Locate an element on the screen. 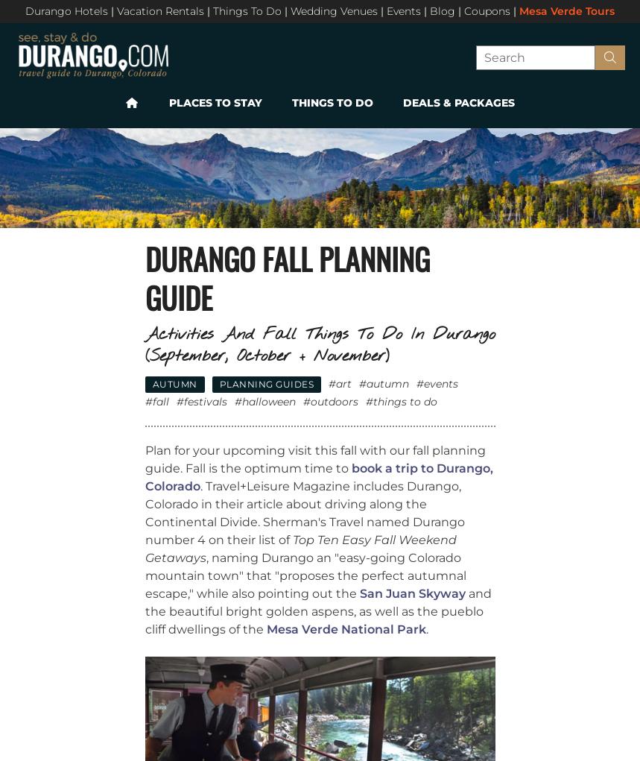 The height and width of the screenshot is (761, 640). 'San Juan Skyway' is located at coordinates (358, 592).